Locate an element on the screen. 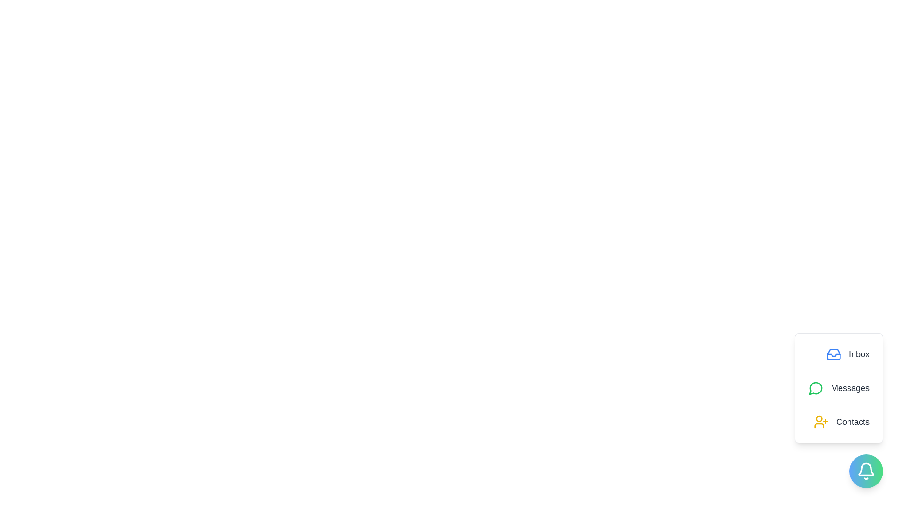 This screenshot has width=902, height=507. the 'Inbox' option in the NotificationSpeedDial menu is located at coordinates (848, 354).